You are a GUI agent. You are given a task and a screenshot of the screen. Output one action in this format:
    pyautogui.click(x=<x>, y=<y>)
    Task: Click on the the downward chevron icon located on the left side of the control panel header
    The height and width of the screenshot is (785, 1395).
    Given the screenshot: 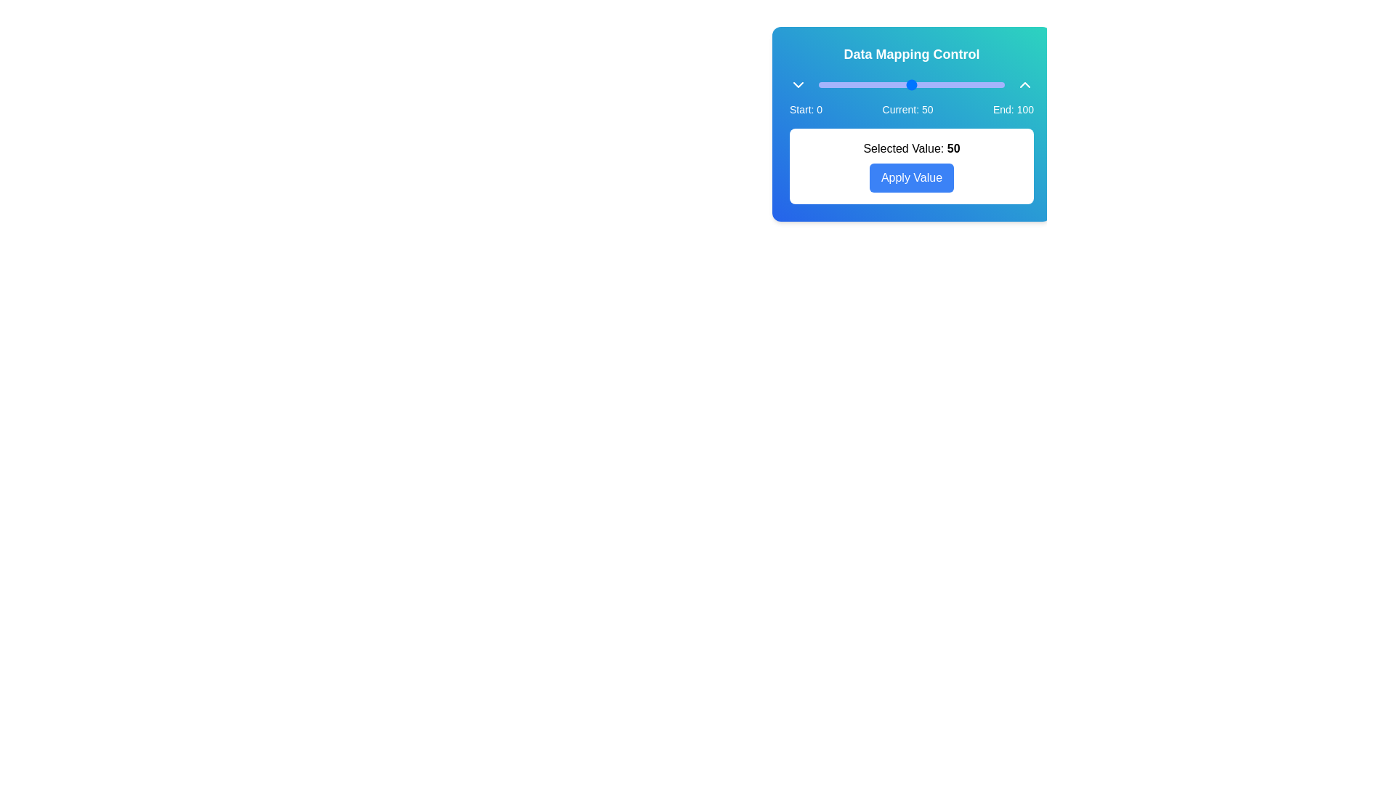 What is the action you would take?
    pyautogui.click(x=798, y=84)
    